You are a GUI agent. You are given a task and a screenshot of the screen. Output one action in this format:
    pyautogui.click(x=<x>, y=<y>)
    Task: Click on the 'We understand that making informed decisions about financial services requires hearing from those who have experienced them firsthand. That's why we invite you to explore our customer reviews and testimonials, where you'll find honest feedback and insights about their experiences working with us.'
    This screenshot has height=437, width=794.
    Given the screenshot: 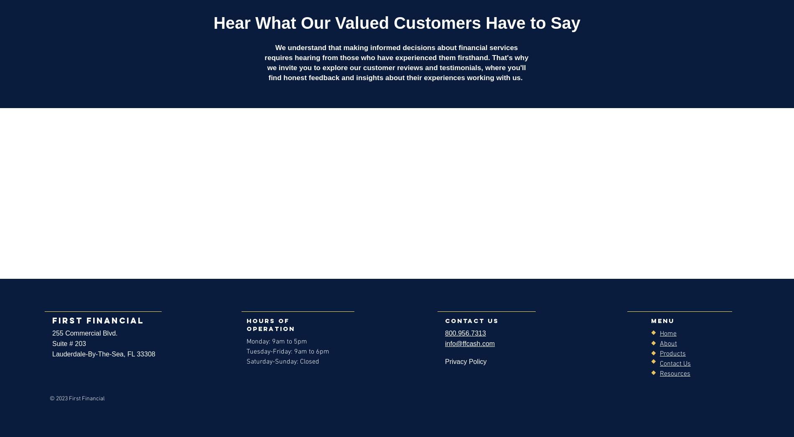 What is the action you would take?
    pyautogui.click(x=396, y=63)
    